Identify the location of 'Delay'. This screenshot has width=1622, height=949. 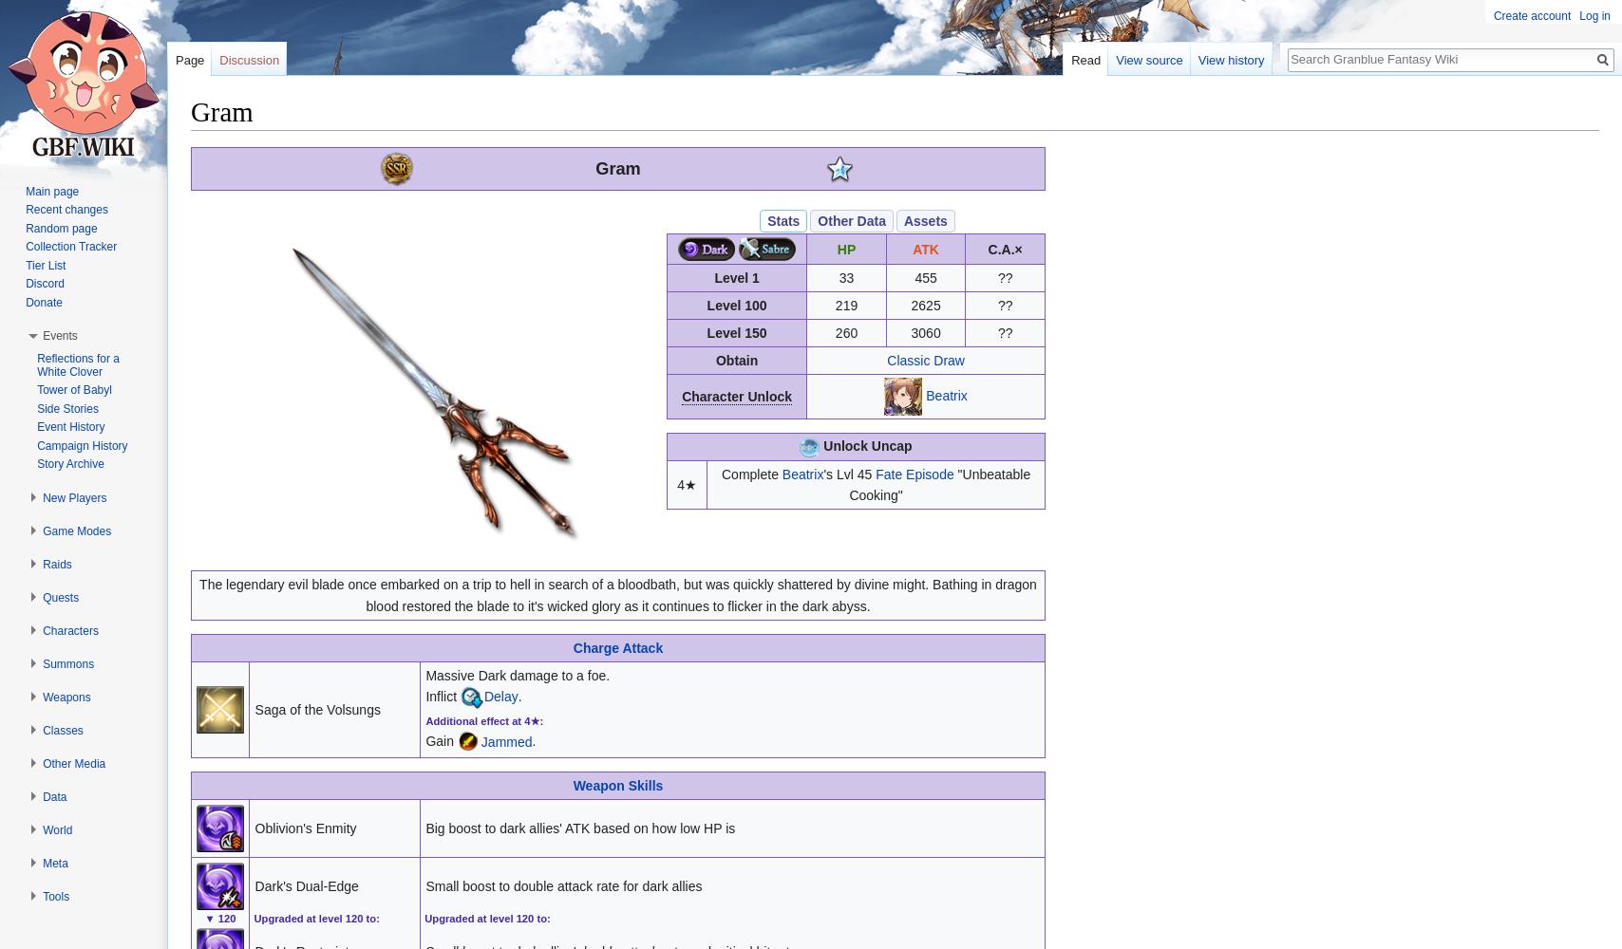
(500, 696).